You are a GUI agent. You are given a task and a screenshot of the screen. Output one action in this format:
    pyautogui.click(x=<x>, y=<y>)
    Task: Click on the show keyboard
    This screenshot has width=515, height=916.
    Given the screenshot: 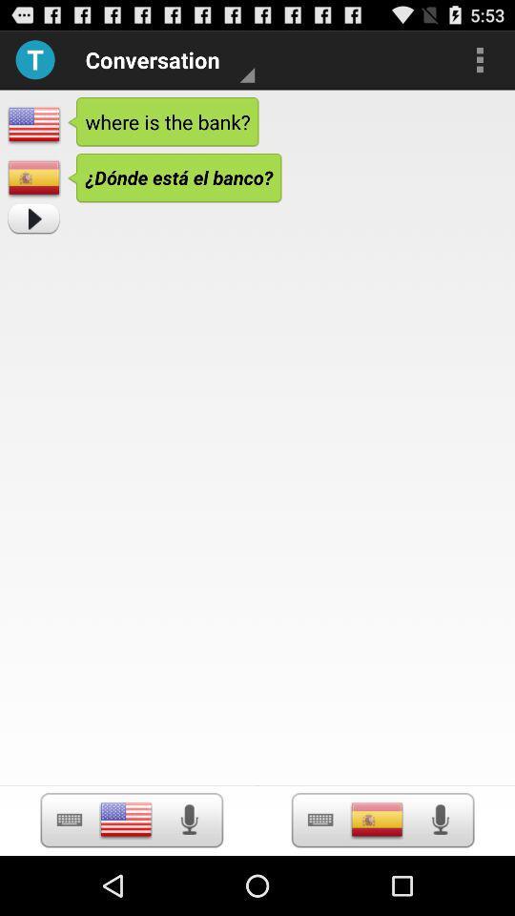 What is the action you would take?
    pyautogui.click(x=68, y=819)
    